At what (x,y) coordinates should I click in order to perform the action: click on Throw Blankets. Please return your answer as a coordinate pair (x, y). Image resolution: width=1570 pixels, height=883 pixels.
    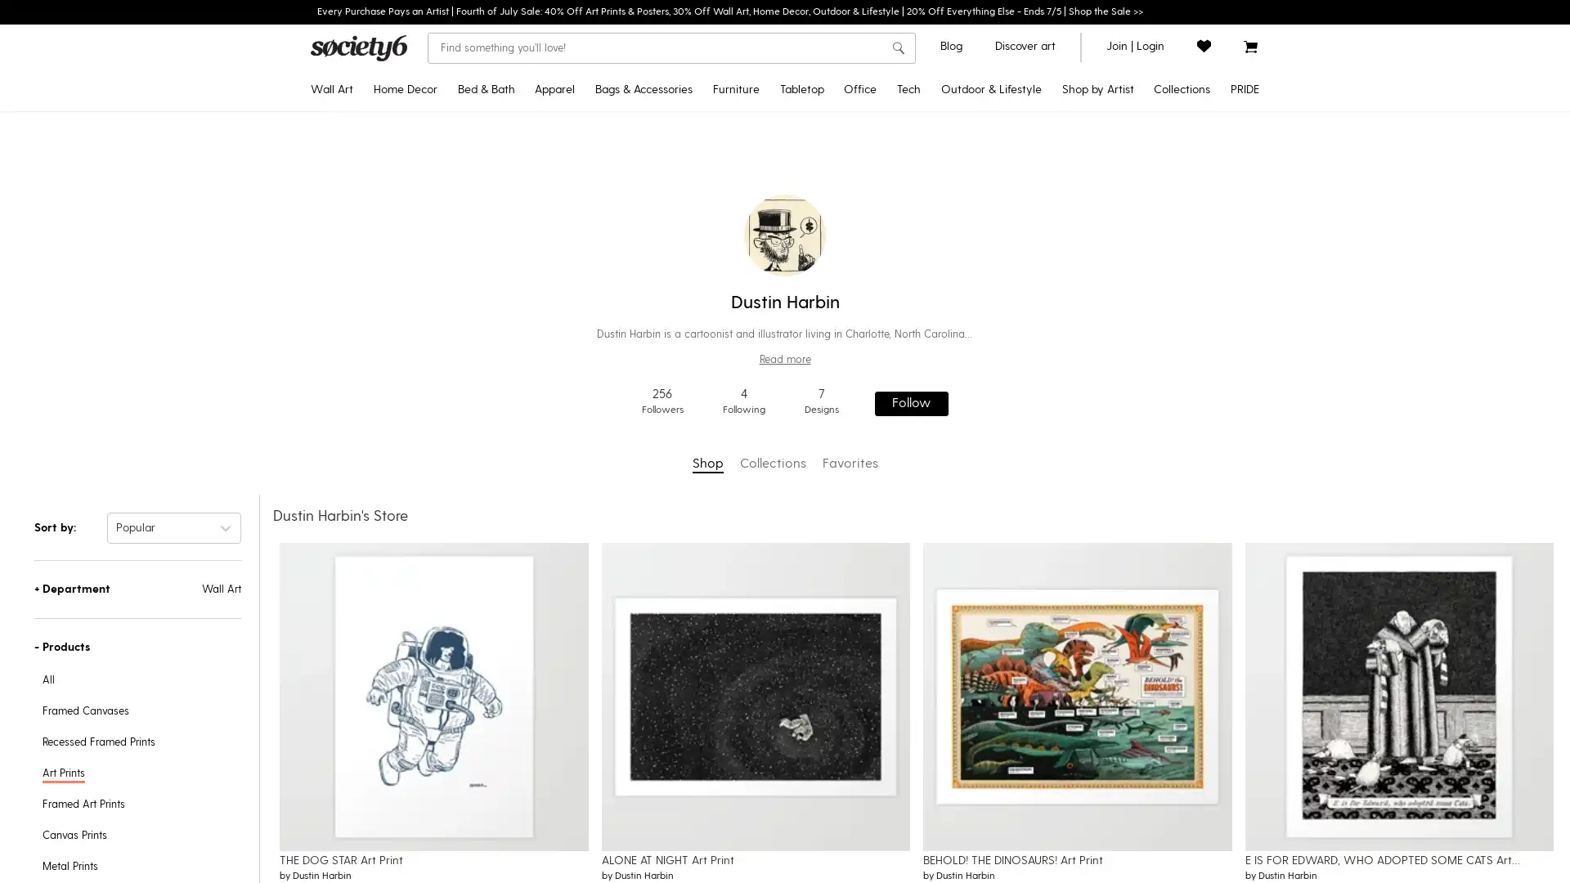
    Looking at the image, I should click on (436, 236).